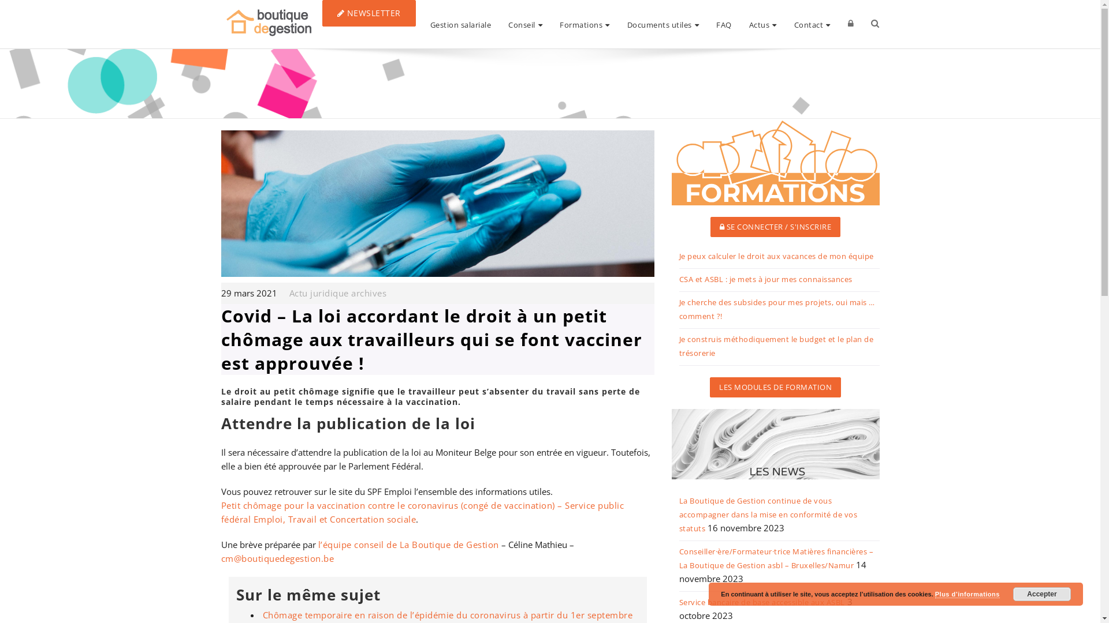 This screenshot has width=1109, height=623. I want to click on 'SE CONNECTER / S'INSCRIRE', so click(776, 227).